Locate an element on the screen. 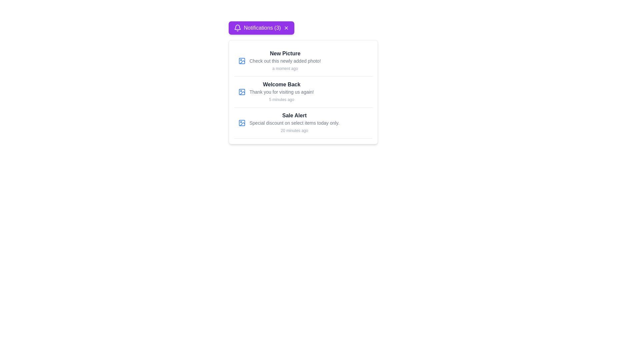 This screenshot has width=640, height=360. the third notification item under the 'Notifications (3)' section is located at coordinates (303, 123).